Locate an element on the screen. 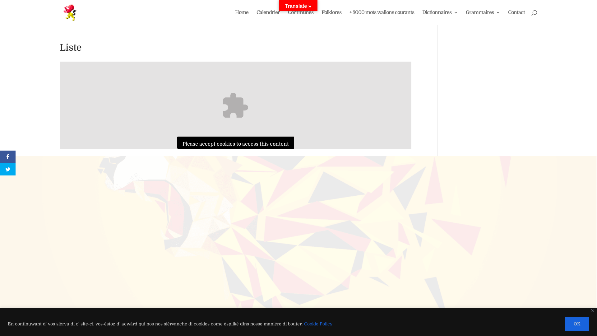  'OK' is located at coordinates (564, 323).